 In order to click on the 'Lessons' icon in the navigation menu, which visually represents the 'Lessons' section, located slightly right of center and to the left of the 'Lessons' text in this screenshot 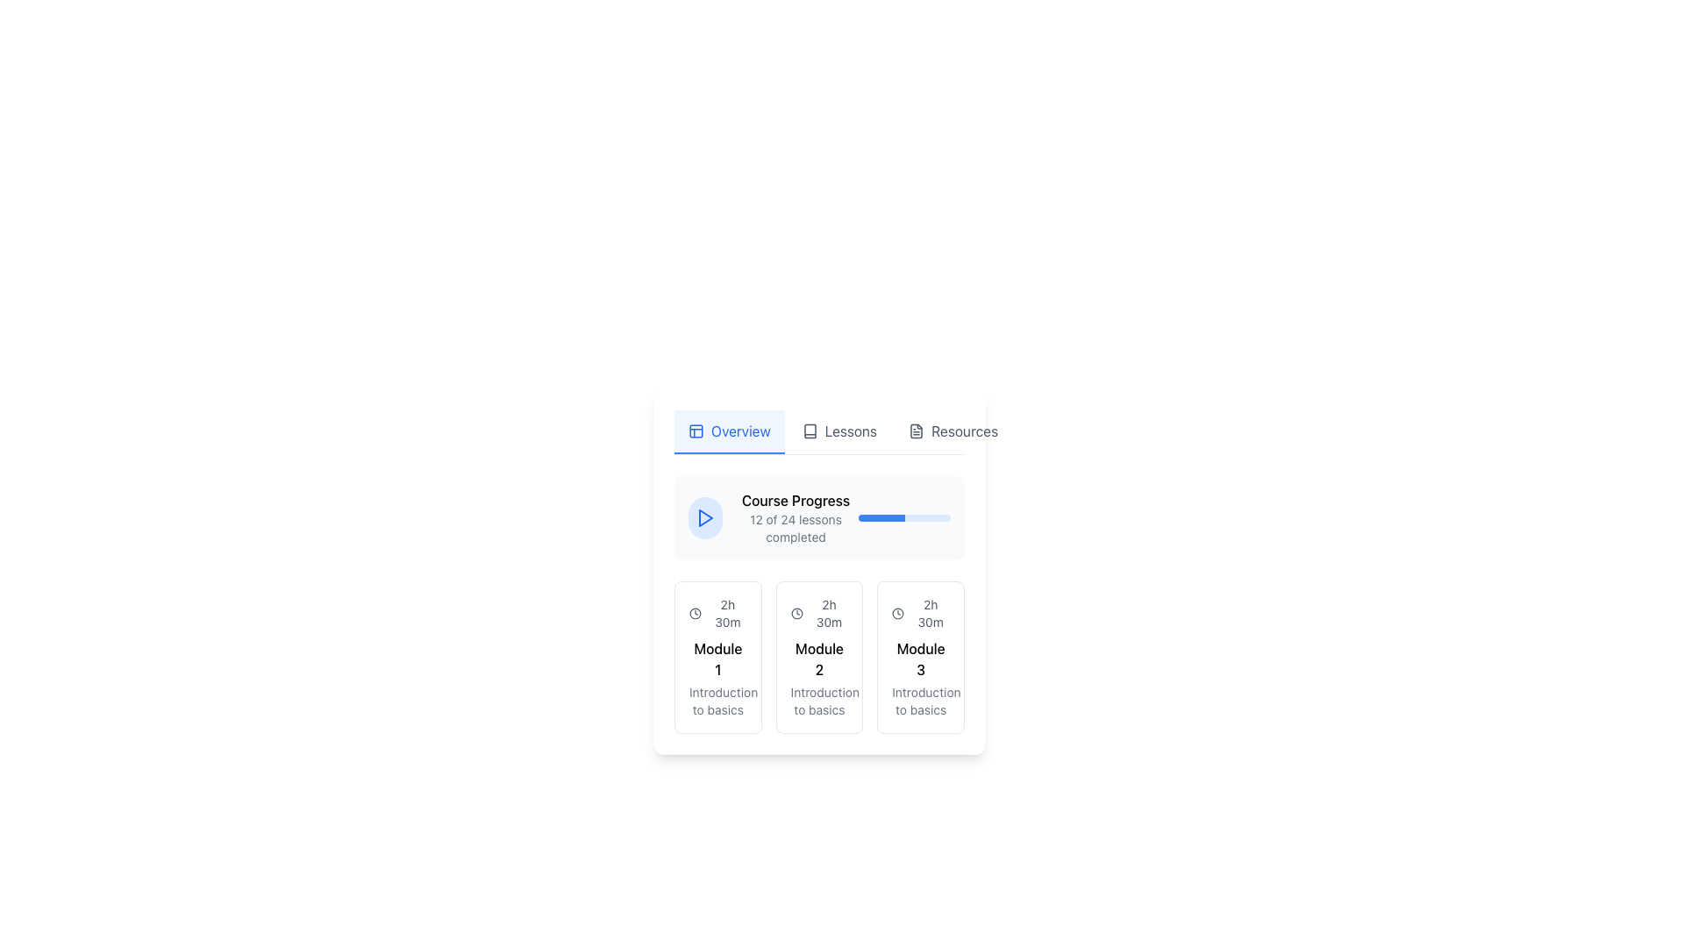, I will do `click(809, 431)`.